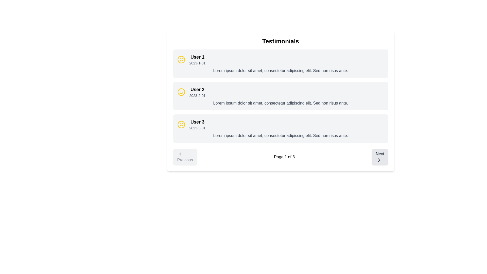 The height and width of the screenshot is (274, 487). Describe the element at coordinates (197, 96) in the screenshot. I see `date text label associated with the testimonial for 'User 2', located directly below the username in the second testimonial card` at that location.